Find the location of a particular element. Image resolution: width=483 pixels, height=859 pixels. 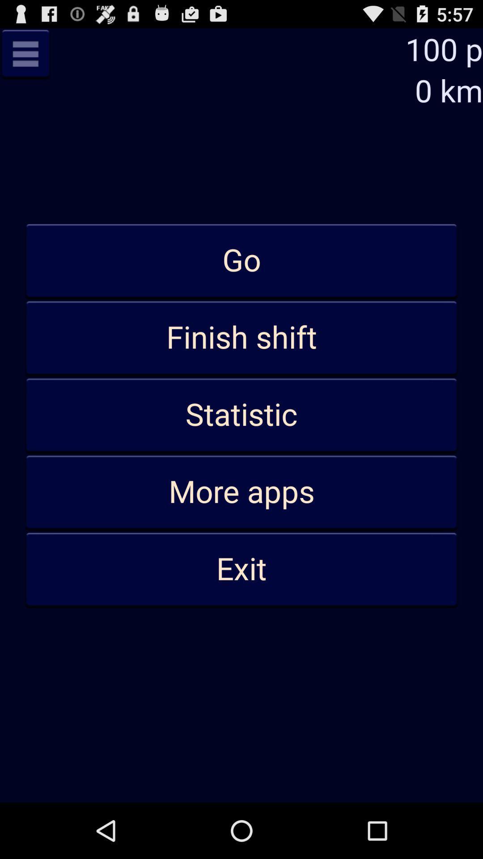

the exit icon is located at coordinates (241, 569).